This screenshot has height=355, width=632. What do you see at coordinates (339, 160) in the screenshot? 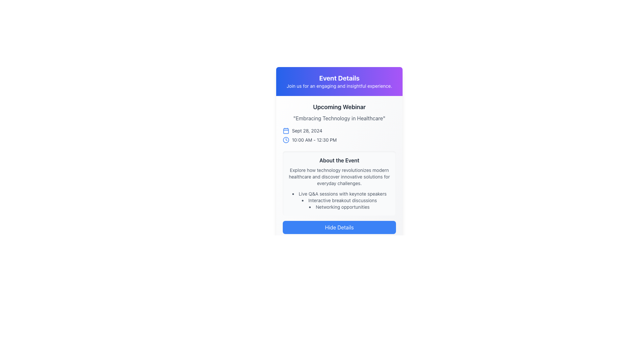
I see `text content of the 'About the Event' heading, which is styled in bold dark gray and located within a light gray box beneath the 'Upcoming Webinar' details` at bounding box center [339, 160].